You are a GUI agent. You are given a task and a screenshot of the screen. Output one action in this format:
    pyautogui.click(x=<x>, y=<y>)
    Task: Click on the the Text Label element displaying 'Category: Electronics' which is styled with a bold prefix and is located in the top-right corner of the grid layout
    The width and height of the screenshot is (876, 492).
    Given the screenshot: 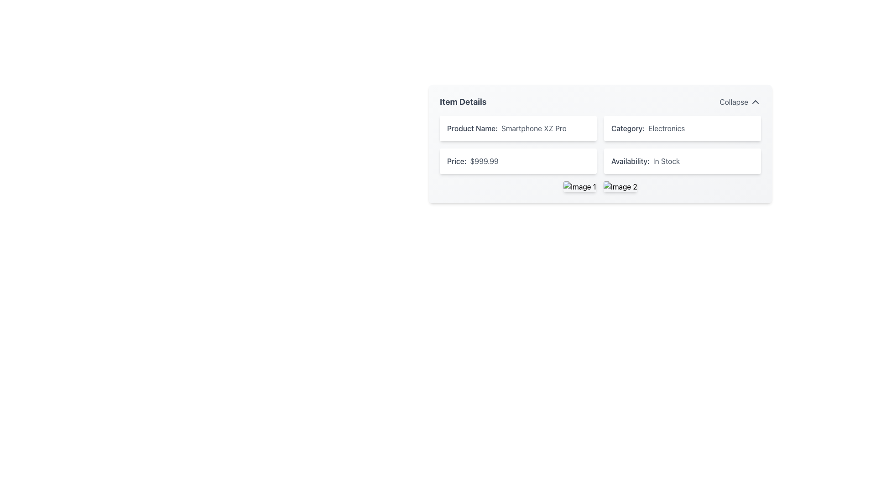 What is the action you would take?
    pyautogui.click(x=683, y=128)
    